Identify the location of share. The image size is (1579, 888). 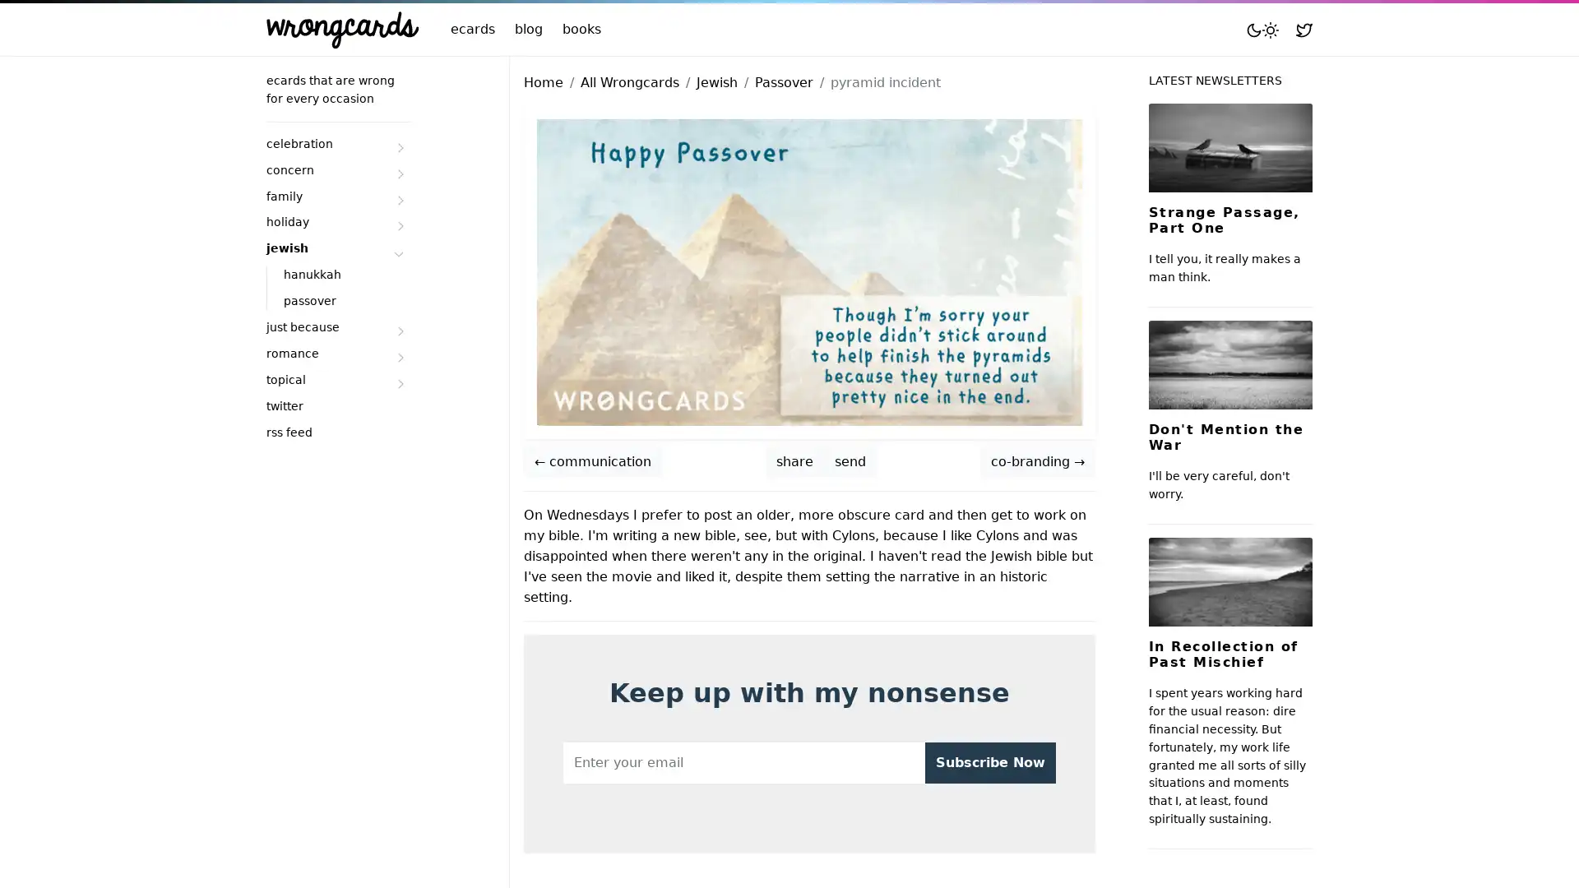
(794, 461).